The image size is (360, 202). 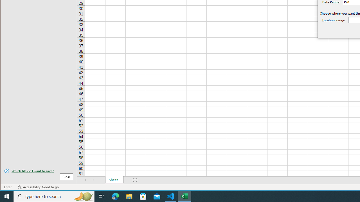 I want to click on 'Sheet1', so click(x=114, y=180).